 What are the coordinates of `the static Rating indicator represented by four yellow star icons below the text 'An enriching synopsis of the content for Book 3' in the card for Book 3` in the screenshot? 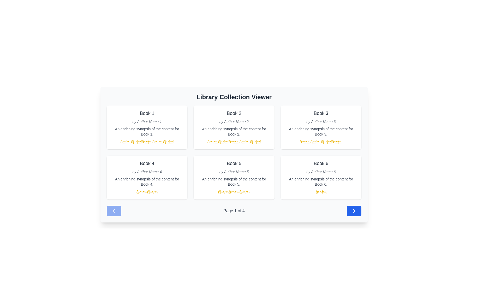 It's located at (321, 142).